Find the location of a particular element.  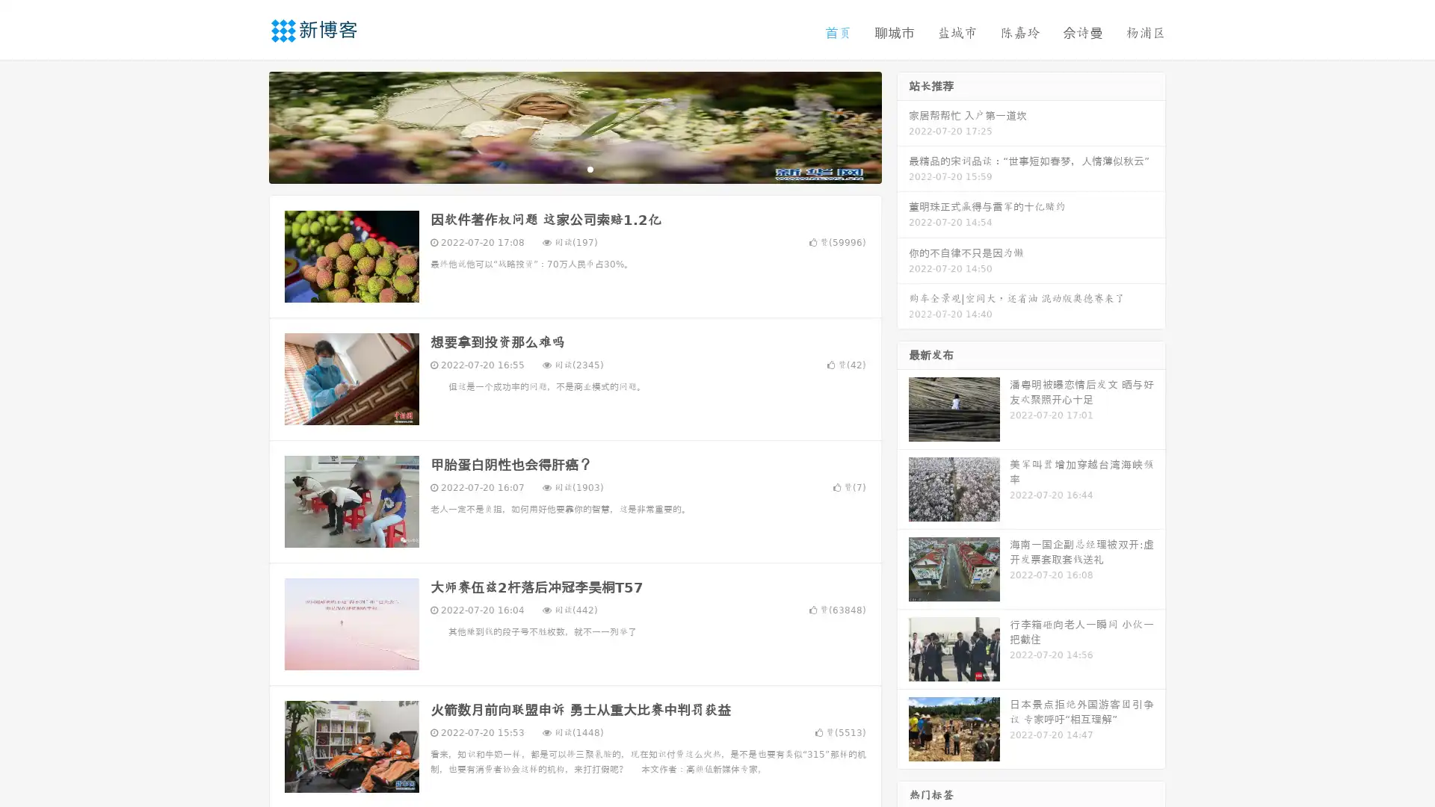

Go to slide 3 is located at coordinates (590, 168).